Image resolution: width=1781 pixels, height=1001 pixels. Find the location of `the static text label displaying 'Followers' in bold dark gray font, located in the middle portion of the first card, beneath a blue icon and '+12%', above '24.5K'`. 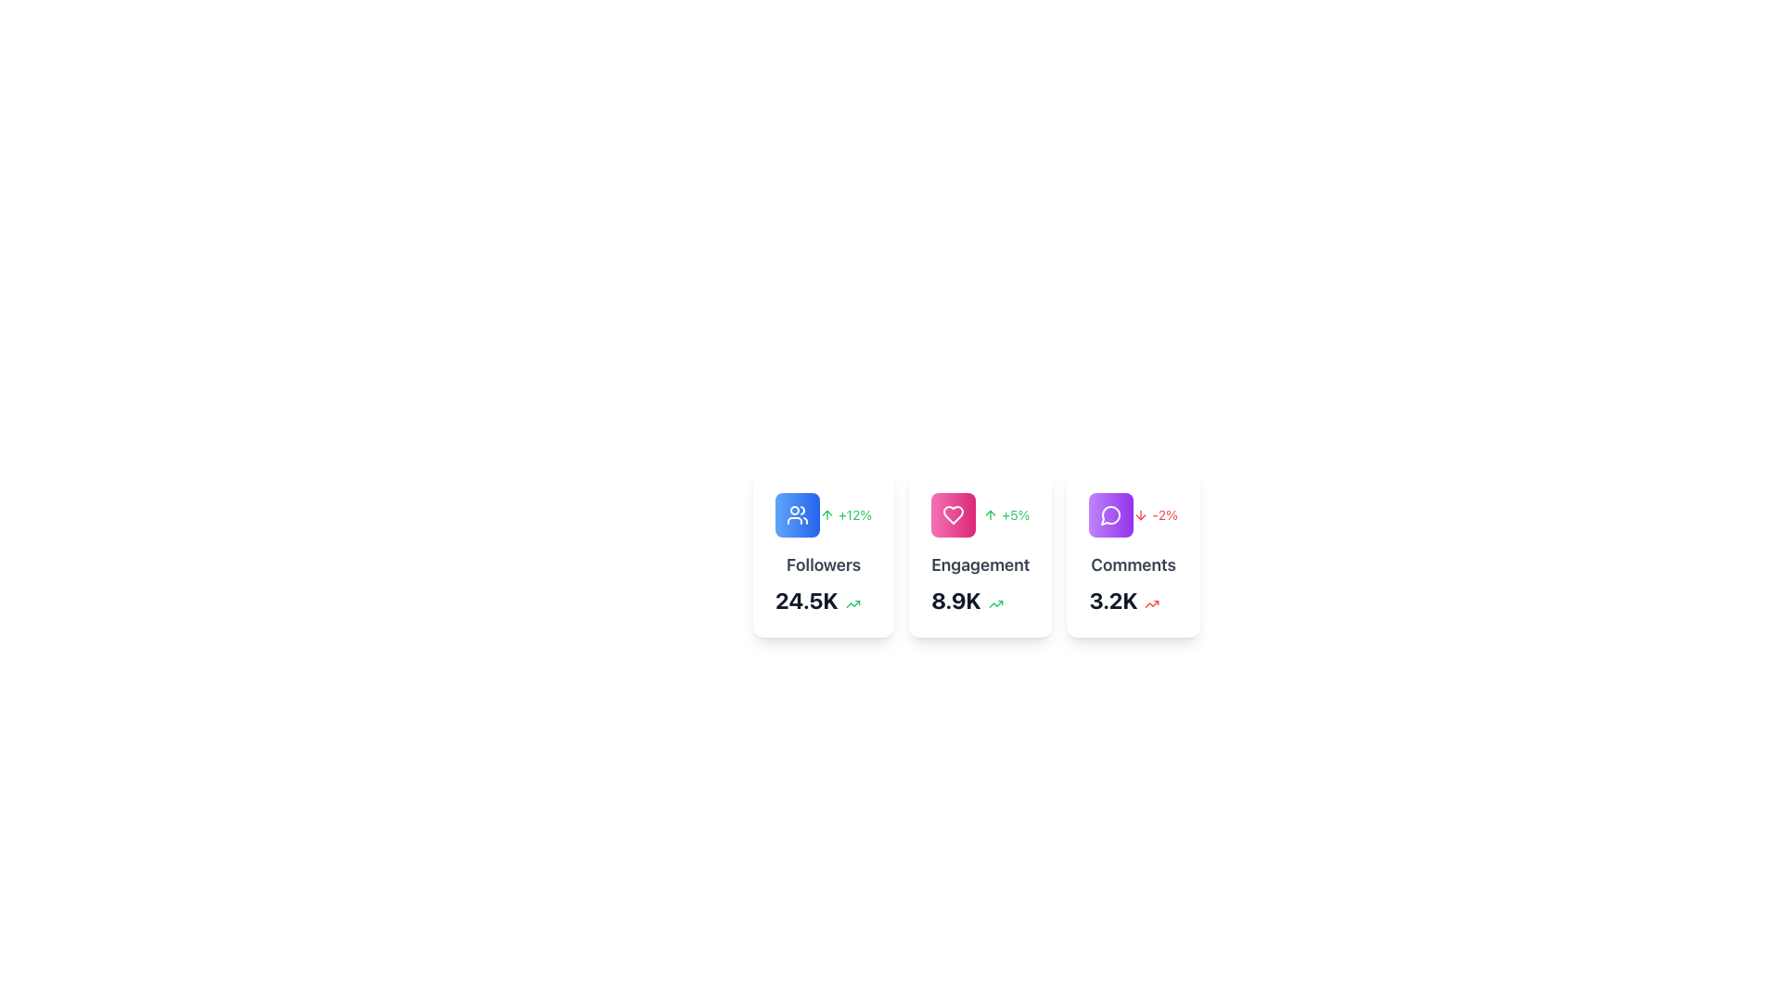

the static text label displaying 'Followers' in bold dark gray font, located in the middle portion of the first card, beneath a blue icon and '+12%', above '24.5K' is located at coordinates (823, 564).